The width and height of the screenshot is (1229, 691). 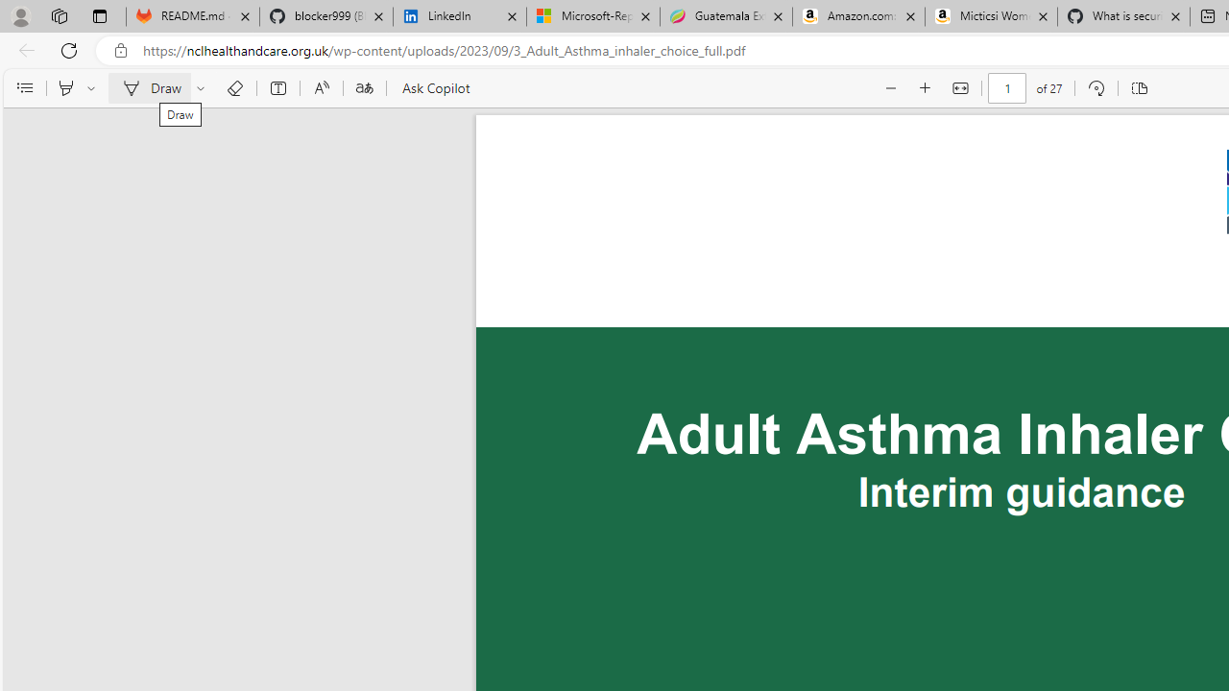 What do you see at coordinates (204, 88) in the screenshot?
I see `'Select ink properties'` at bounding box center [204, 88].